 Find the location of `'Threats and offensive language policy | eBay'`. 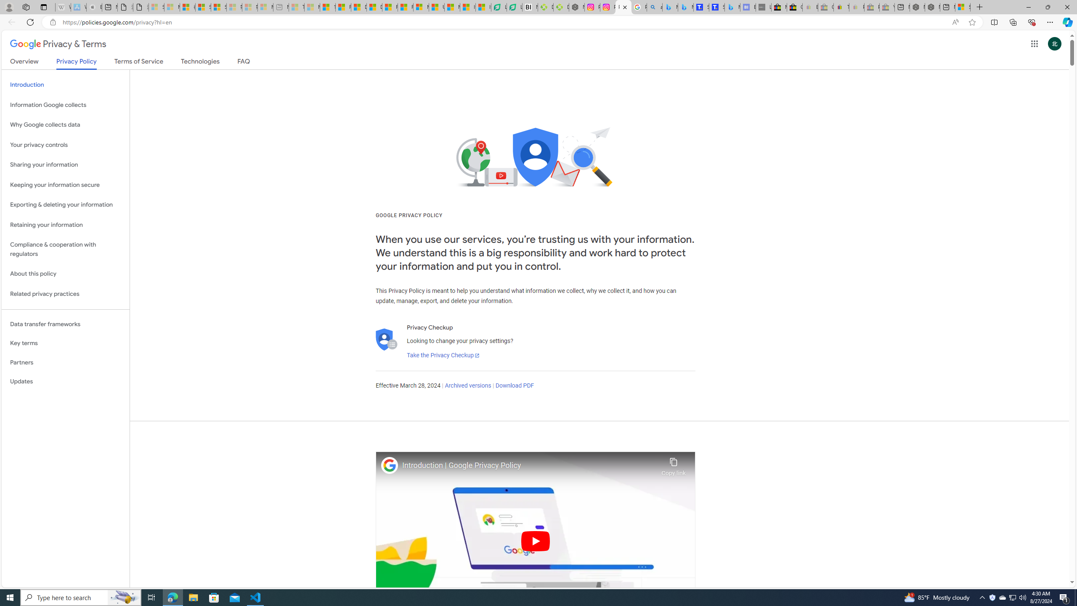

'Threats and offensive language policy | eBay' is located at coordinates (841, 7).